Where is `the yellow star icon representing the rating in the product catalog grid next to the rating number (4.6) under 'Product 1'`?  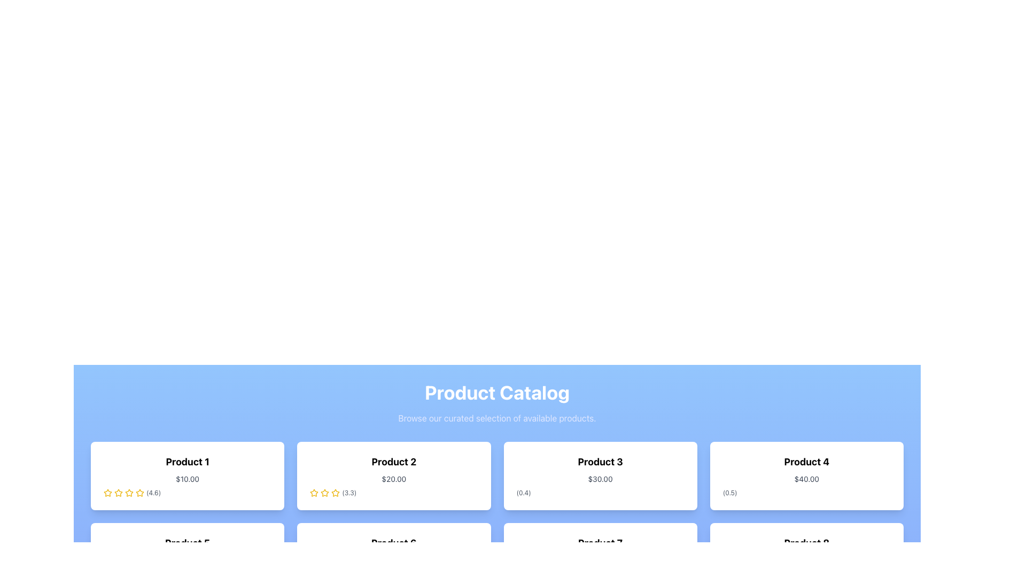 the yellow star icon representing the rating in the product catalog grid next to the rating number (4.6) under 'Product 1' is located at coordinates (139, 493).